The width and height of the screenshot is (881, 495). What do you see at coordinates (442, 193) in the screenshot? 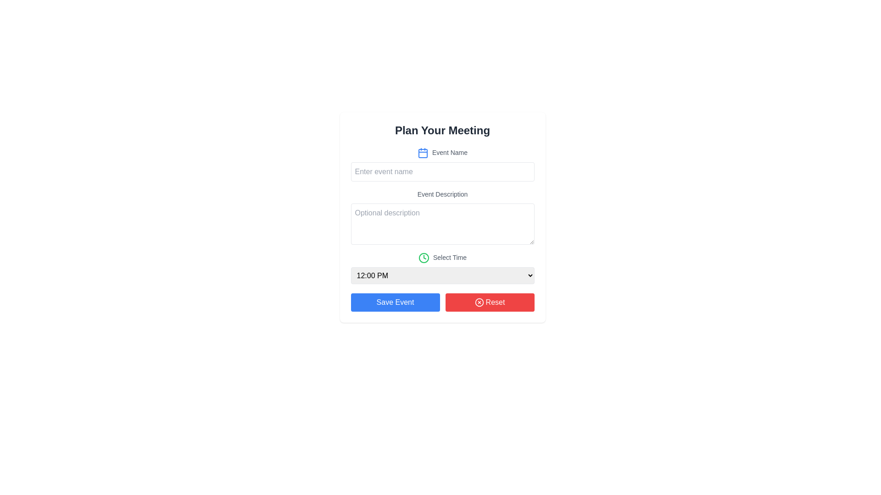
I see `the 'Event Description' label, which is styled with a smaller font size and medium-weight gray text, located directly above the description input area` at bounding box center [442, 193].